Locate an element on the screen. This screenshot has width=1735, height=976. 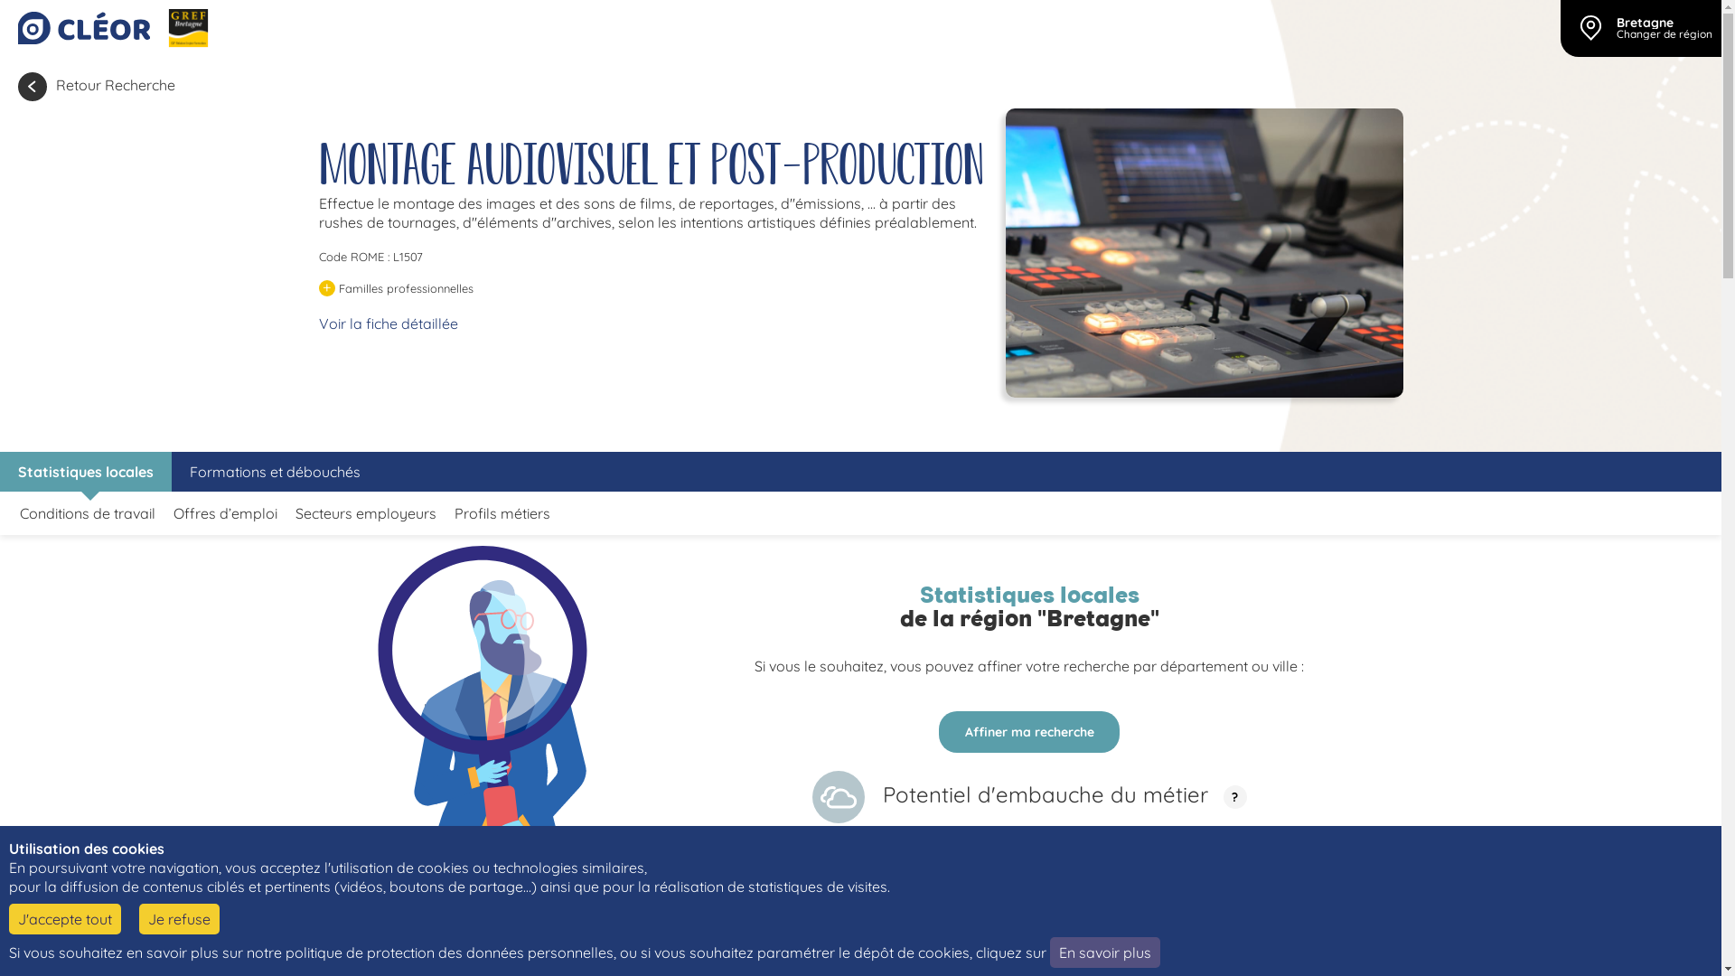
'Conditions de travail' is located at coordinates (86, 512).